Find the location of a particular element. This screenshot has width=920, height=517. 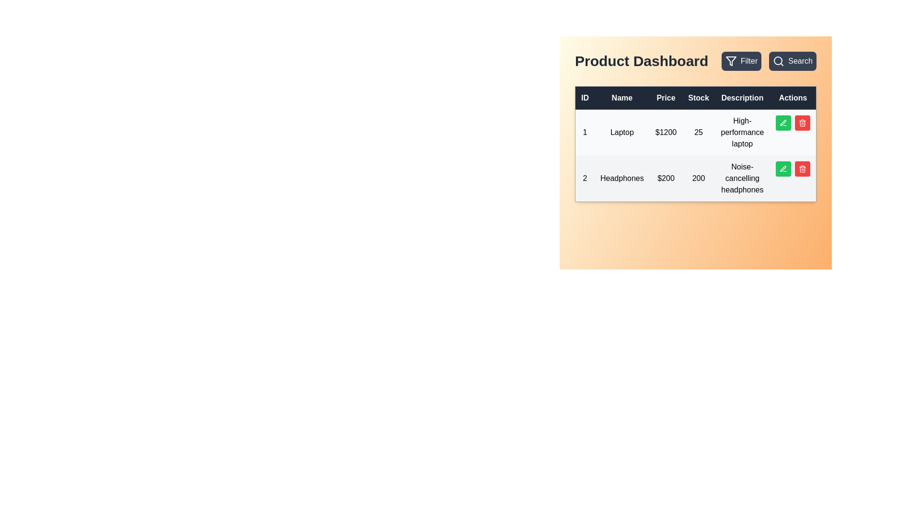

the delete button for 'Headphones' in the 'Actions' column is located at coordinates (803, 123).